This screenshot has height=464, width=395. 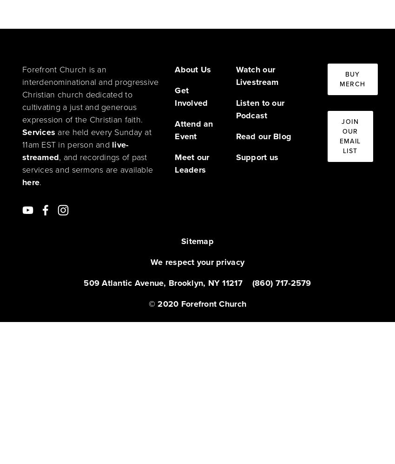 What do you see at coordinates (197, 241) in the screenshot?
I see `'Sitemap'` at bounding box center [197, 241].